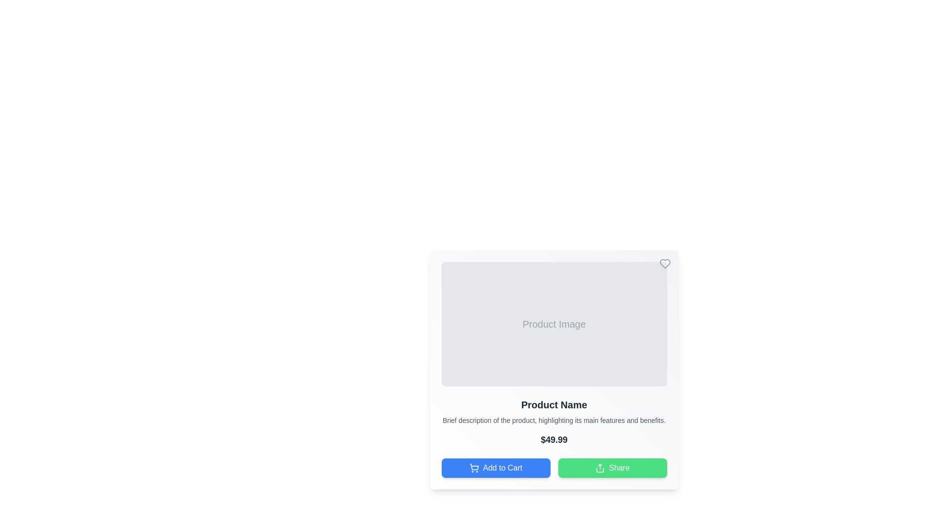  I want to click on the bold, large dark gray text label that indicates the name of a product, positioned centrally below the product image placeholder in the card layout, so click(554, 405).